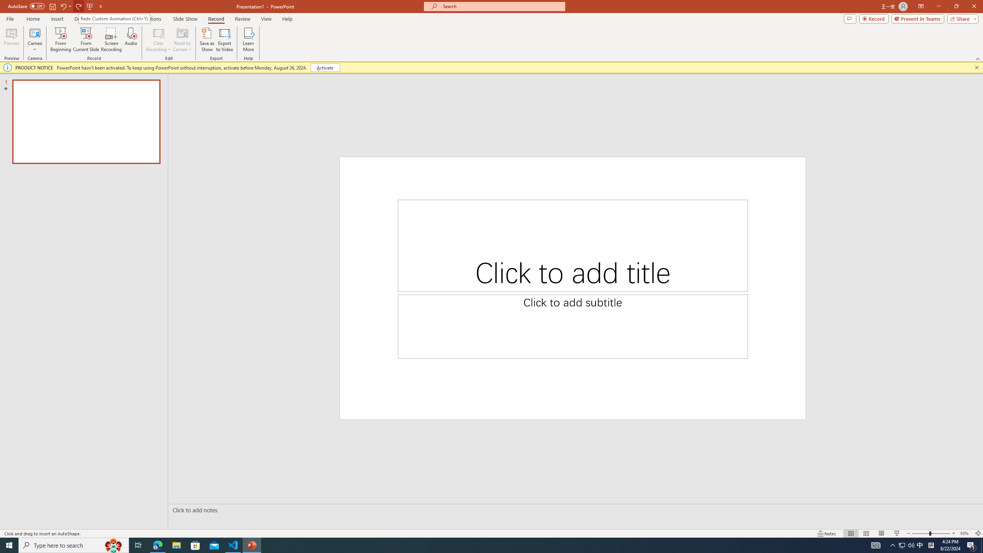 This screenshot has width=983, height=553. Describe the element at coordinates (86, 40) in the screenshot. I see `'From Current Slide...'` at that location.